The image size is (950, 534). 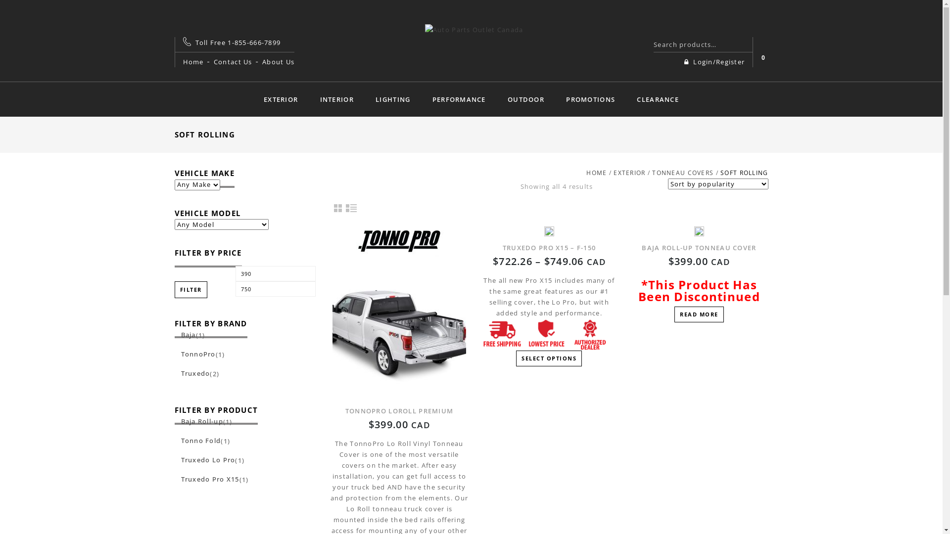 What do you see at coordinates (198, 421) in the screenshot?
I see `'Baja Roll-up'` at bounding box center [198, 421].